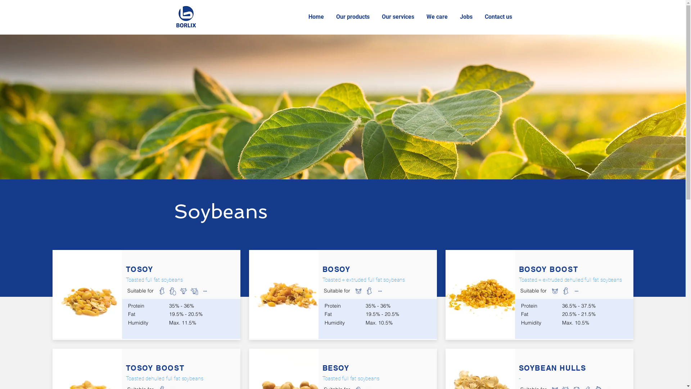 Image resolution: width=691 pixels, height=389 pixels. I want to click on 'Jobs', so click(466, 16).